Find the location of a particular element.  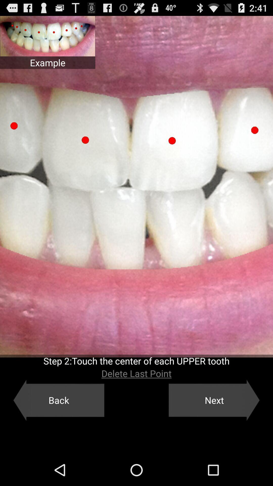

item at the bottom left corner is located at coordinates (58, 400).